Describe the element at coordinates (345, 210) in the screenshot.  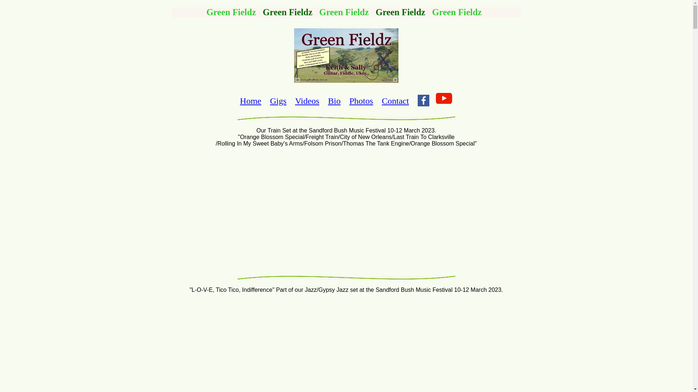
I see `'YouTube video player'` at that location.